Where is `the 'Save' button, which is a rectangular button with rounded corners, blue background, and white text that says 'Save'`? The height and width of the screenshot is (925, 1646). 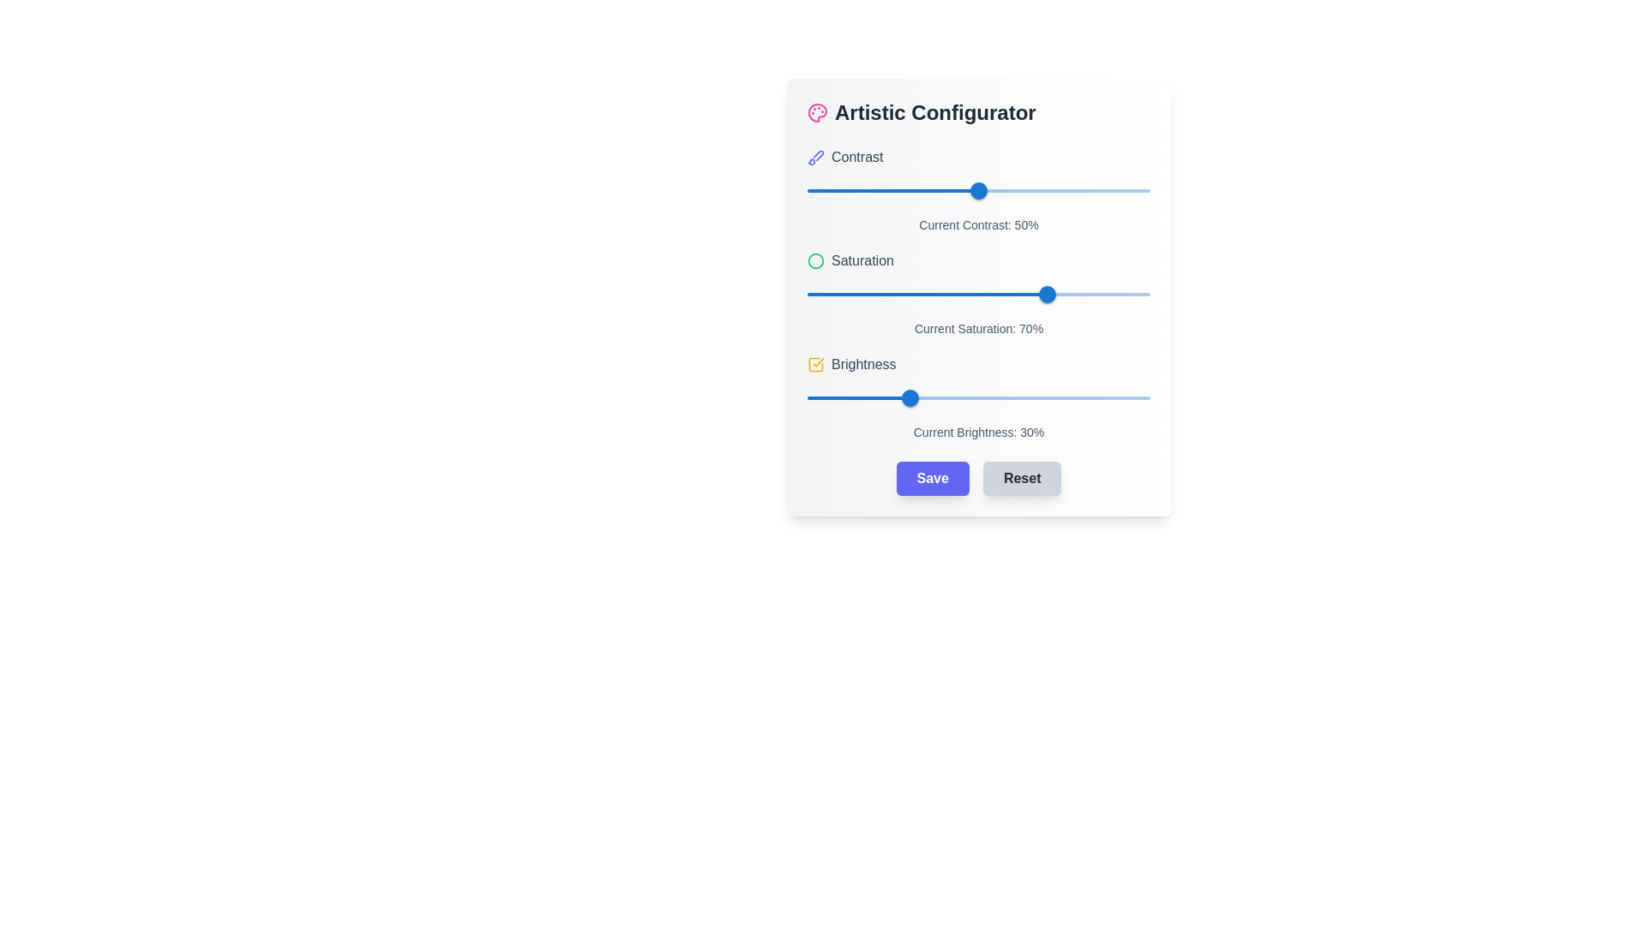
the 'Save' button, which is a rectangular button with rounded corners, blue background, and white text that says 'Save' is located at coordinates (932, 479).